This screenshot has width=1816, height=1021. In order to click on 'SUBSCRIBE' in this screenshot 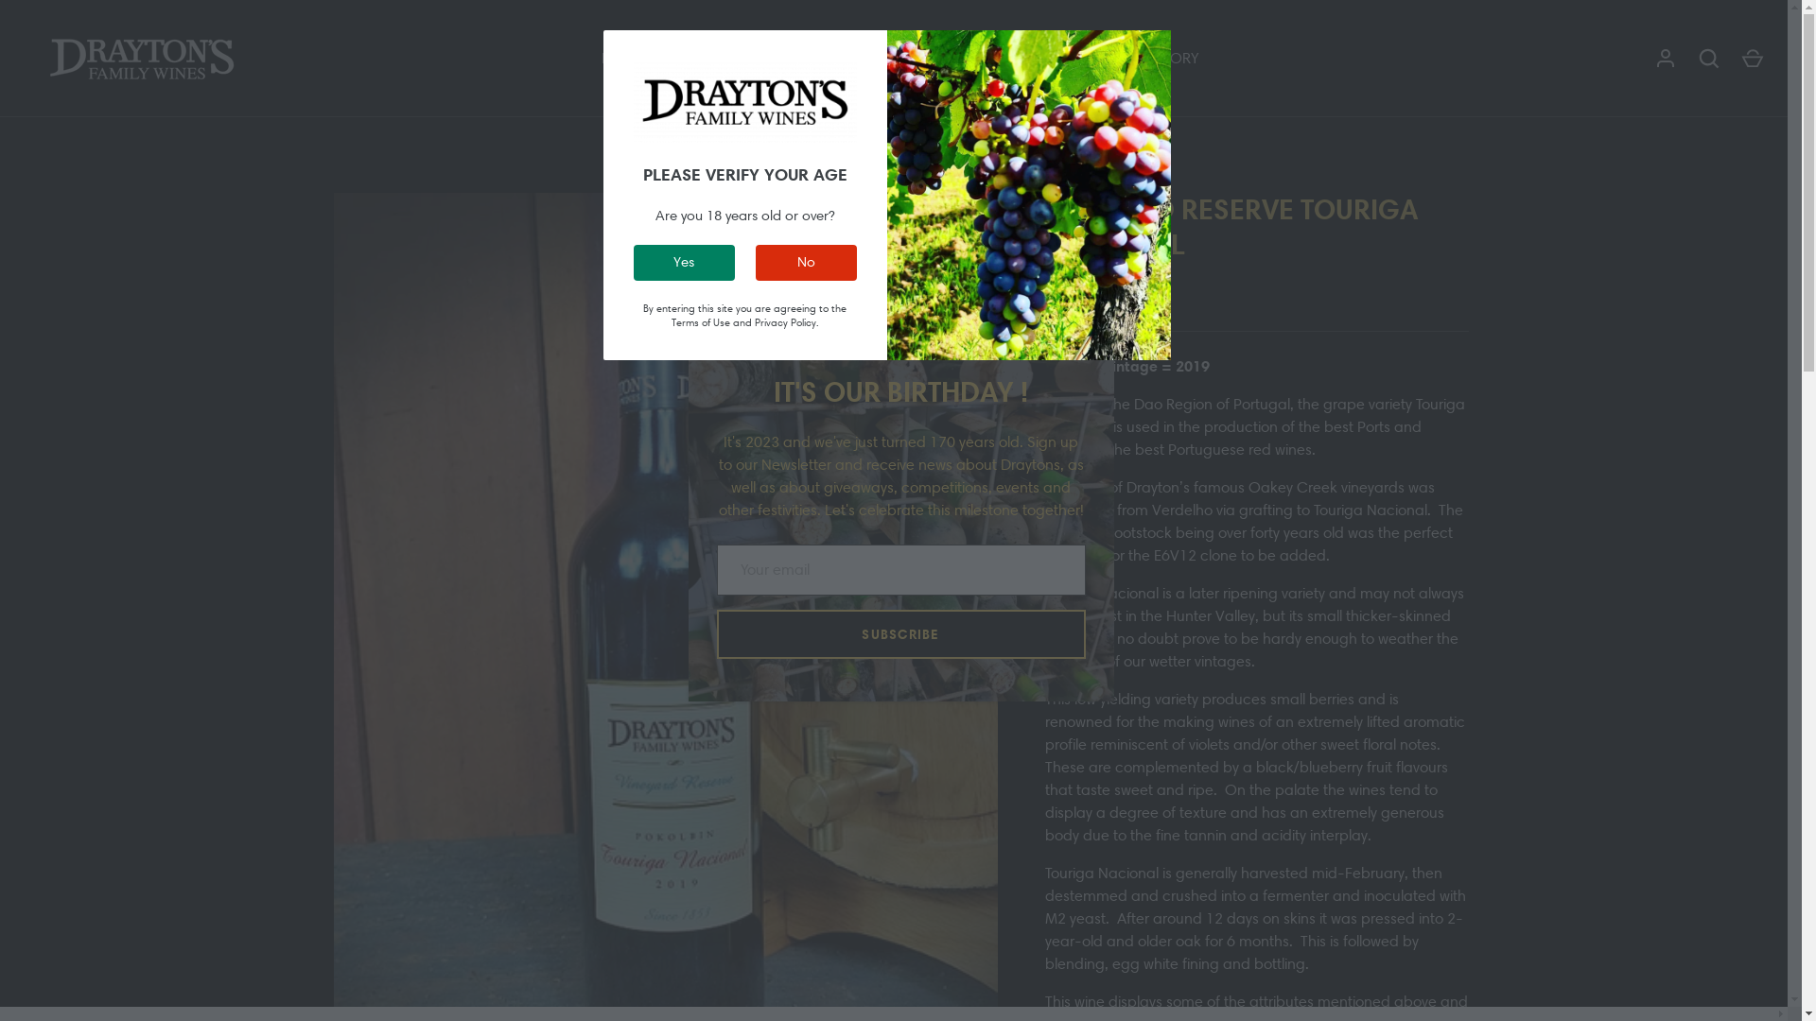, I will do `click(900, 647)`.